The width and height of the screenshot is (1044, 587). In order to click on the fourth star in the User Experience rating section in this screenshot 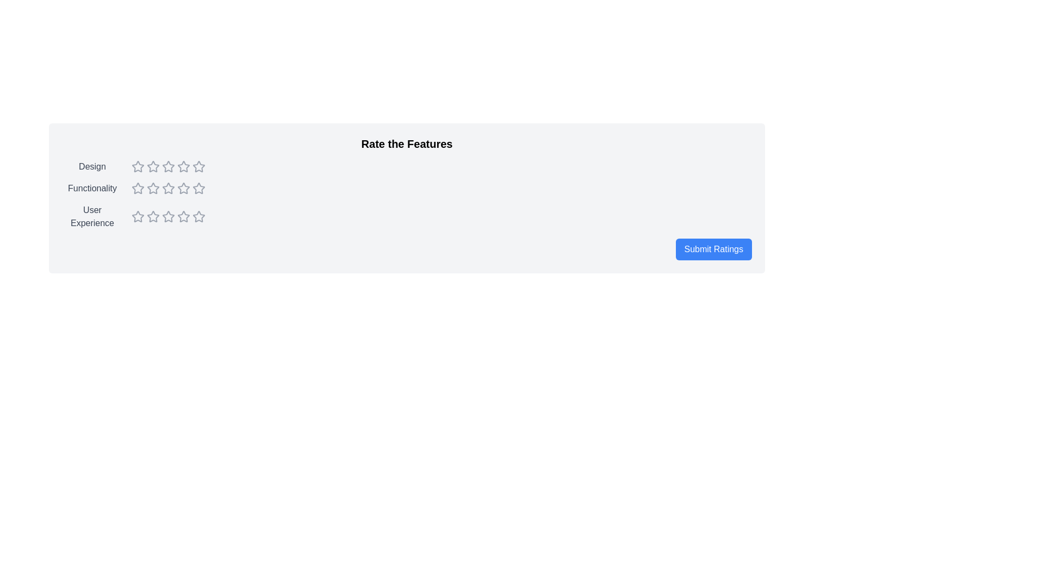, I will do `click(198, 216)`.